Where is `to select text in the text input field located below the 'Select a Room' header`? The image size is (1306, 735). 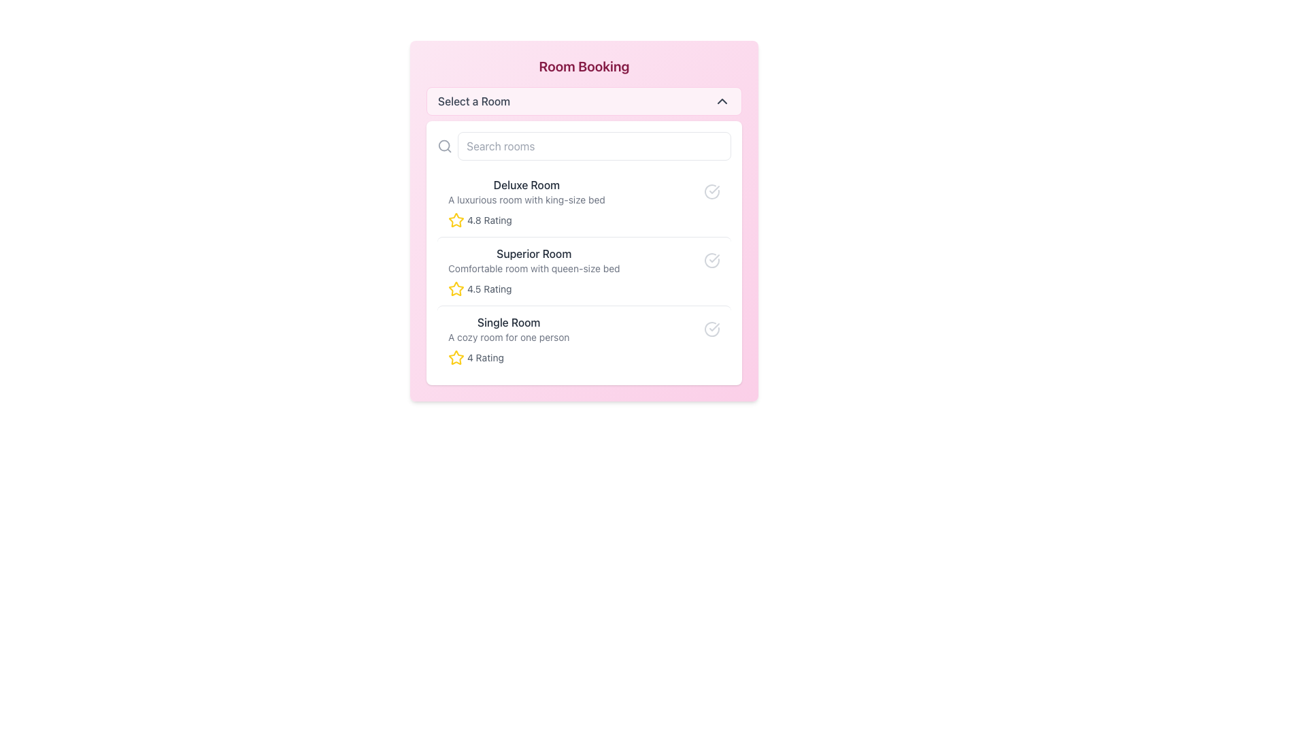 to select text in the text input field located below the 'Select a Room' header is located at coordinates (595, 146).